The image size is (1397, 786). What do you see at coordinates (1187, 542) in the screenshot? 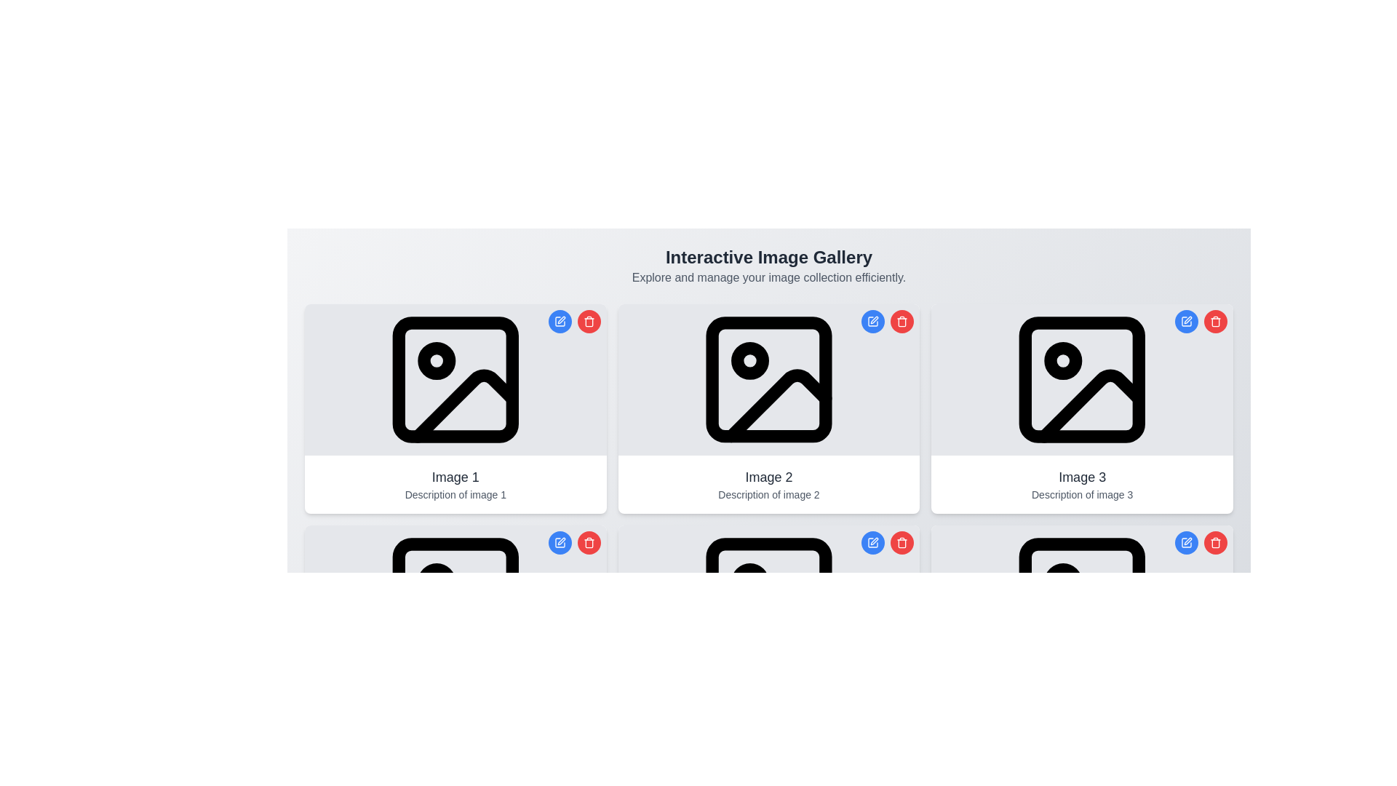
I see `the icon in the top-right corner of the card labeled 'Image 3', which denotes an action related to editing or customizing the associated image or card content` at bounding box center [1187, 542].